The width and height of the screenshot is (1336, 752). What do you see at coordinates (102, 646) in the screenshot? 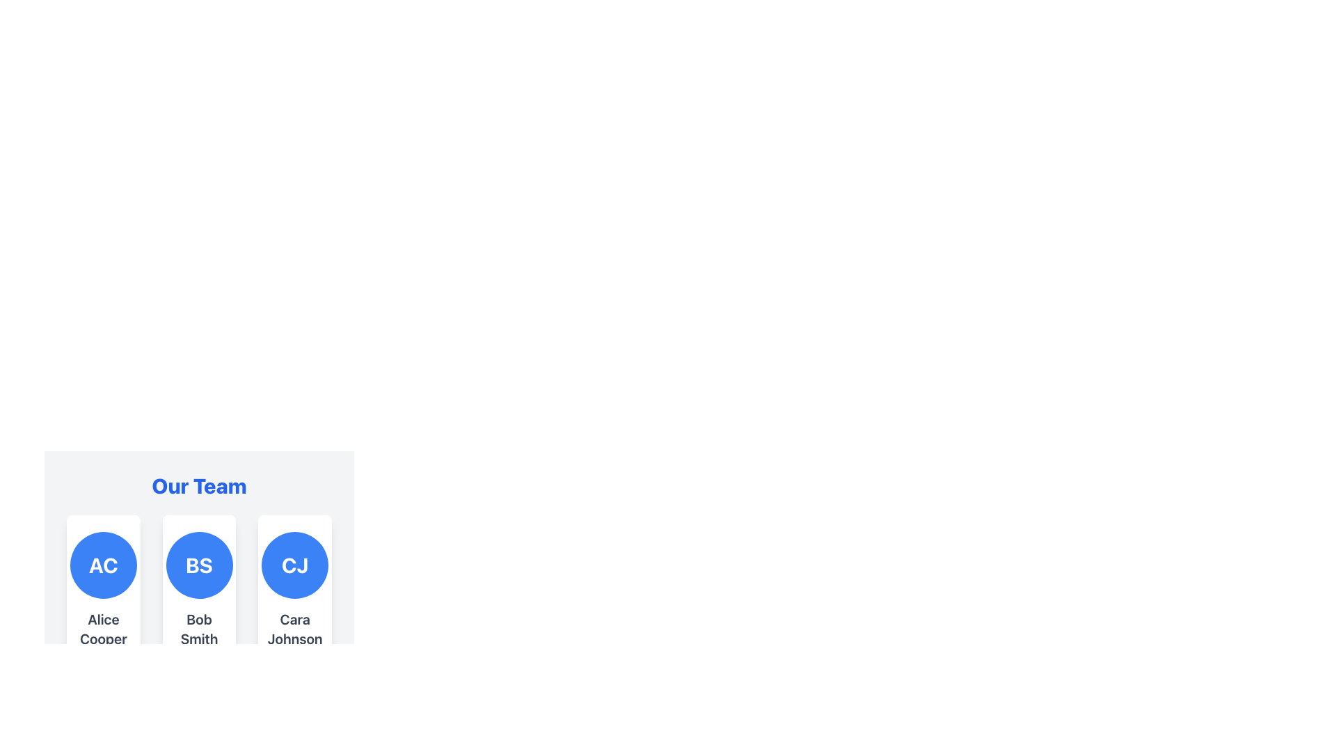
I see `the text label displaying the name and title of the team member, located in the second segment of the leftmost profile card in the team listing interface` at bounding box center [102, 646].